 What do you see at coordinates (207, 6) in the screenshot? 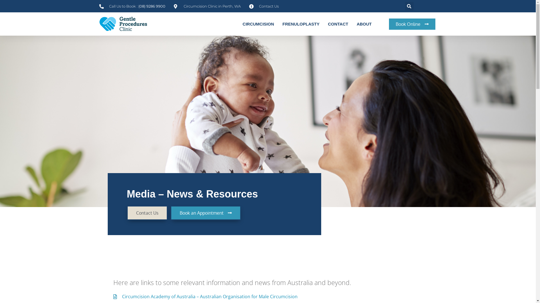
I see `'Circumcision Clinic in Perth, WA'` at bounding box center [207, 6].